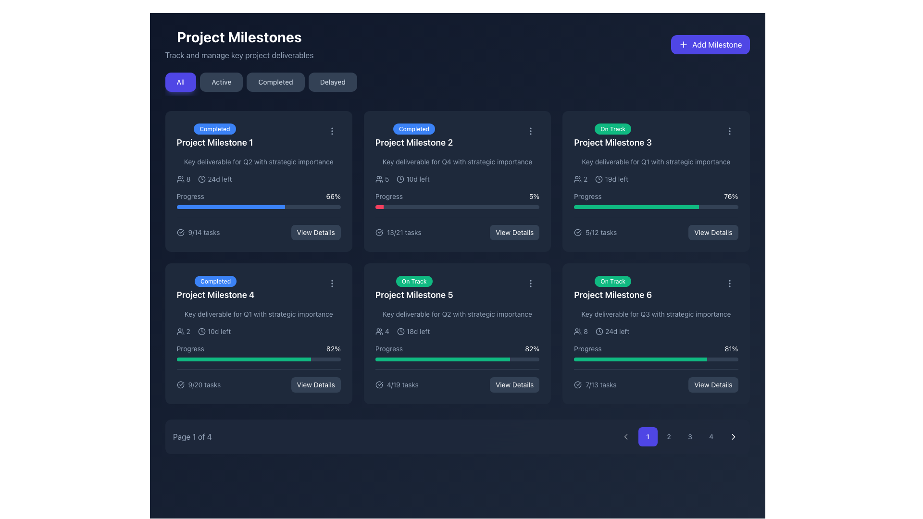 Image resolution: width=923 pixels, height=519 pixels. What do you see at coordinates (382, 179) in the screenshot?
I see `the text displaying the numeric data '5' paired with an icon, located to the left of the text '10d left' and above the progress bar in the second card labeled 'Project Milestone 2'` at bounding box center [382, 179].